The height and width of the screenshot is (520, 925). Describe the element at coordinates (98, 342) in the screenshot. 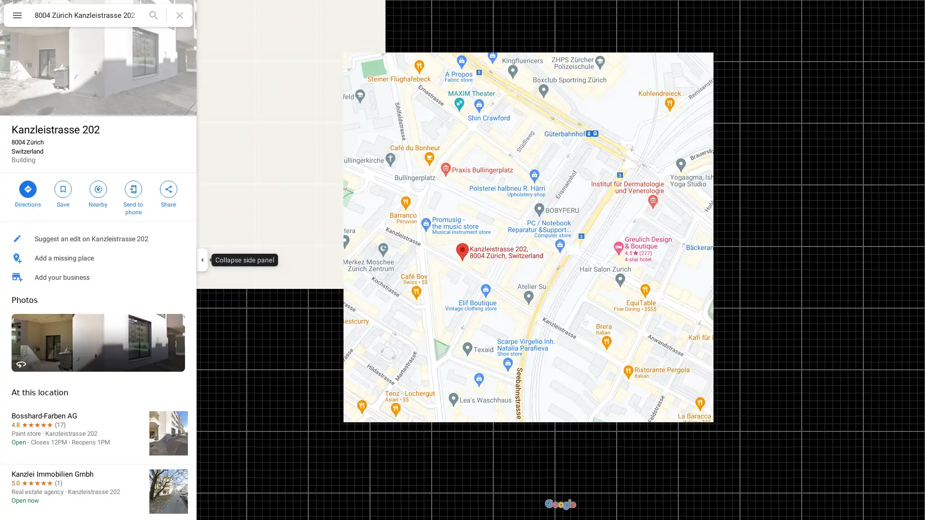

I see `Street View` at that location.